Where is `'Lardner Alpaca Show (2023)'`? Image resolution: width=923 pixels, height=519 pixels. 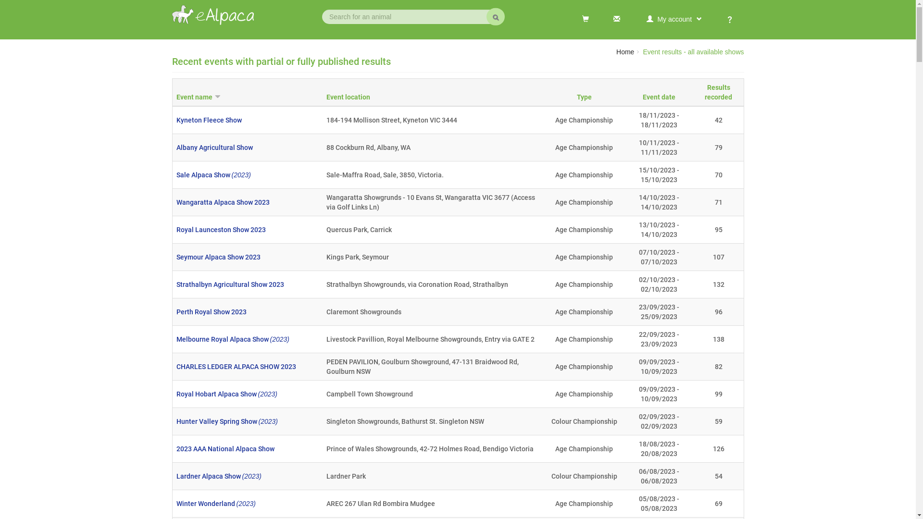
'Lardner Alpaca Show (2023)' is located at coordinates (218, 476).